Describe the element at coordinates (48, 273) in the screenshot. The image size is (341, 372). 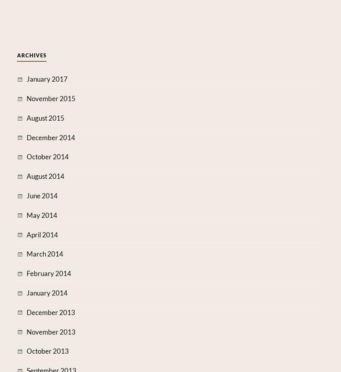
I see `'February 2014'` at that location.